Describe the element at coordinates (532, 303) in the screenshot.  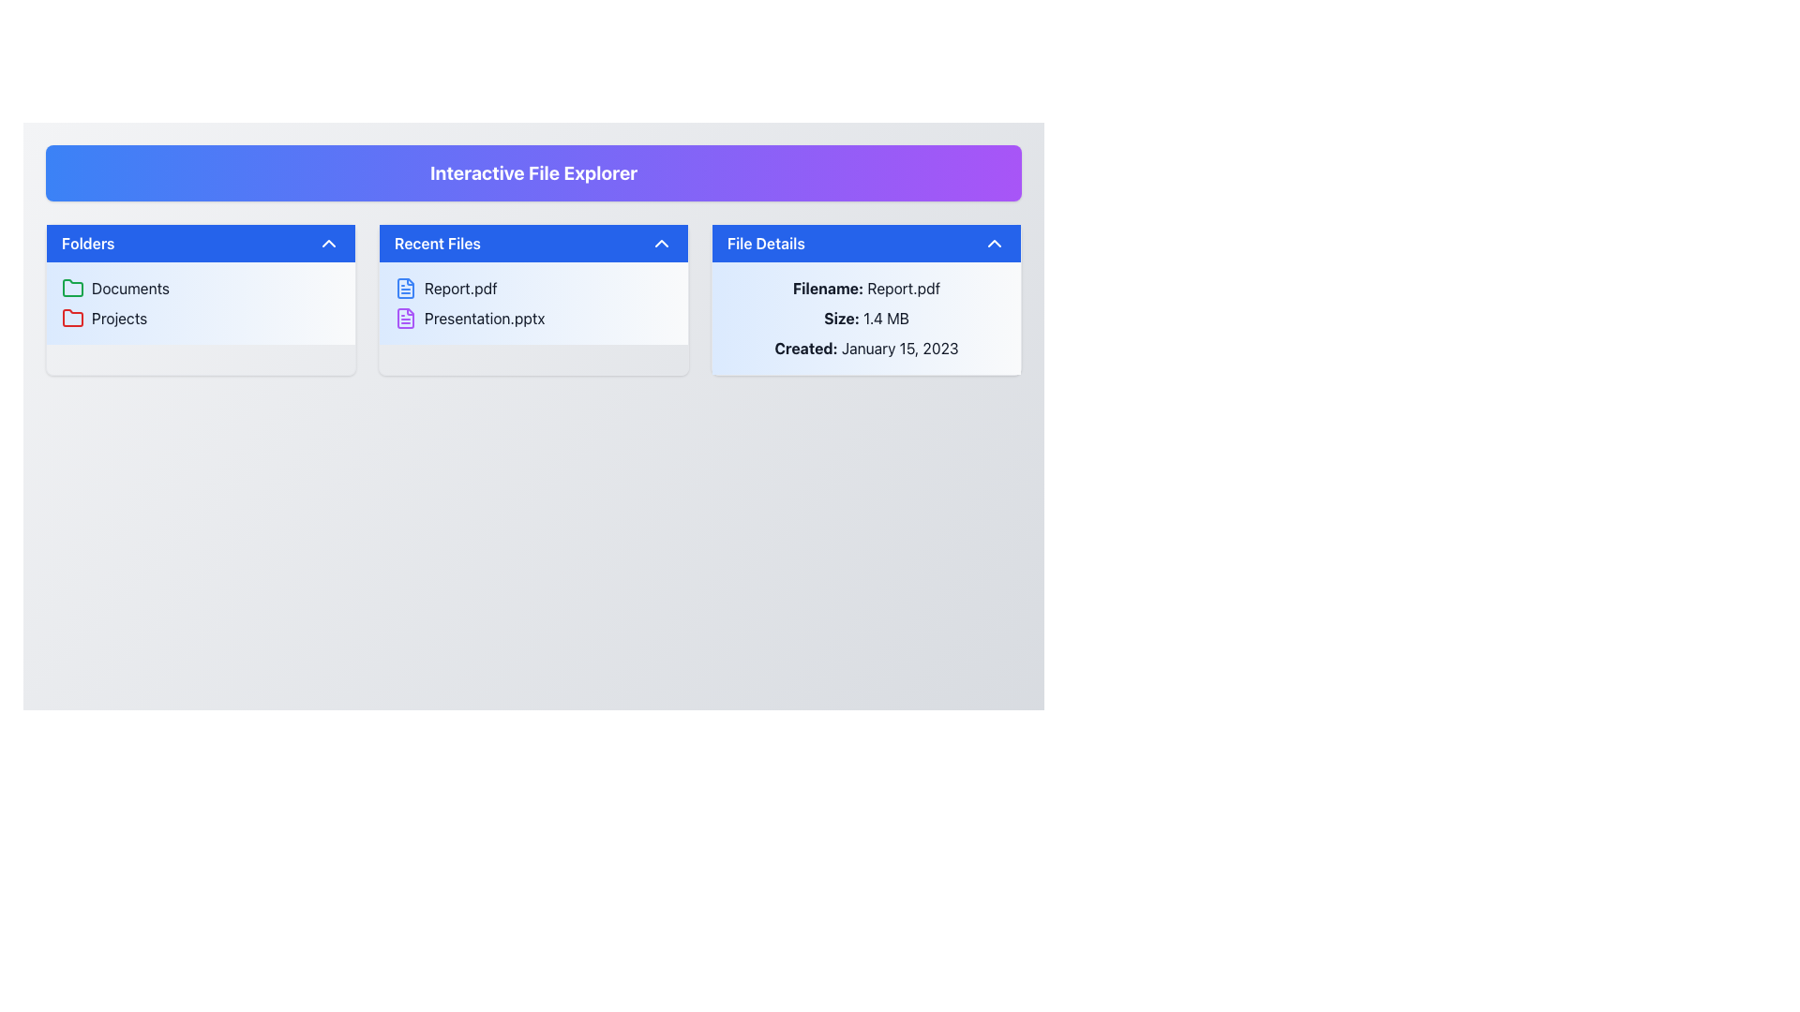
I see `on the file name 'Report.pdf' displayed in the center panel under the 'Recent Files' heading` at that location.